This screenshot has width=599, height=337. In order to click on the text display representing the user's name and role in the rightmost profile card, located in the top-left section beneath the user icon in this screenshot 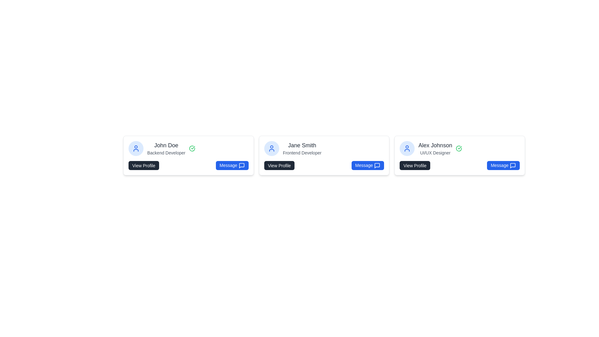, I will do `click(435, 148)`.